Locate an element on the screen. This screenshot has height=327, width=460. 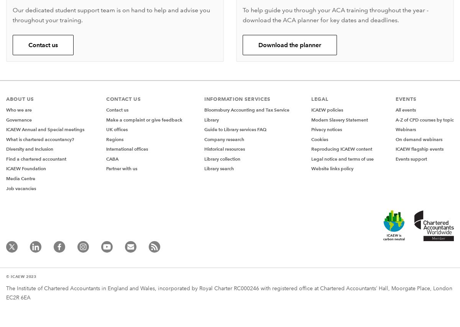
'Partner with us' is located at coordinates (122, 168).